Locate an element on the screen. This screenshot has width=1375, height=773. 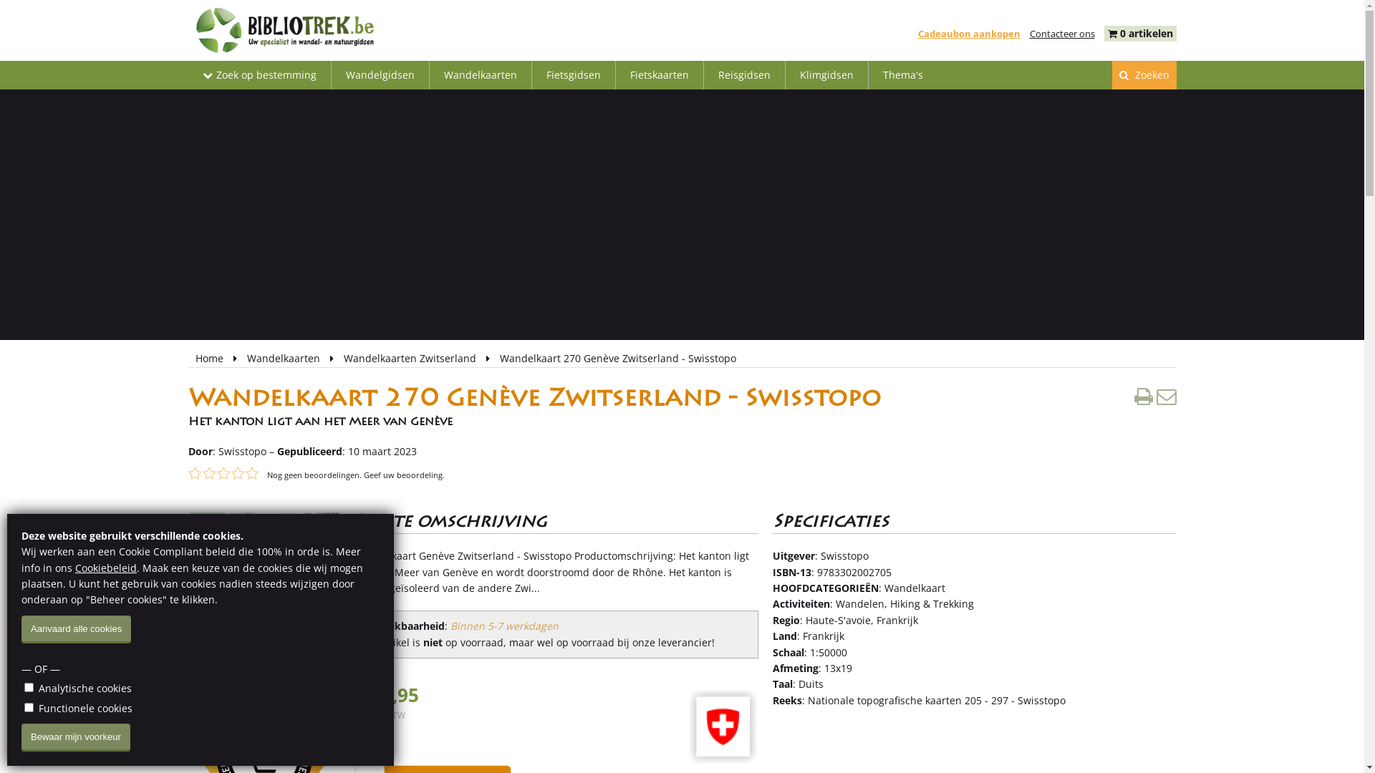
'Wandelkaarten Zwitserland' is located at coordinates (410, 357).